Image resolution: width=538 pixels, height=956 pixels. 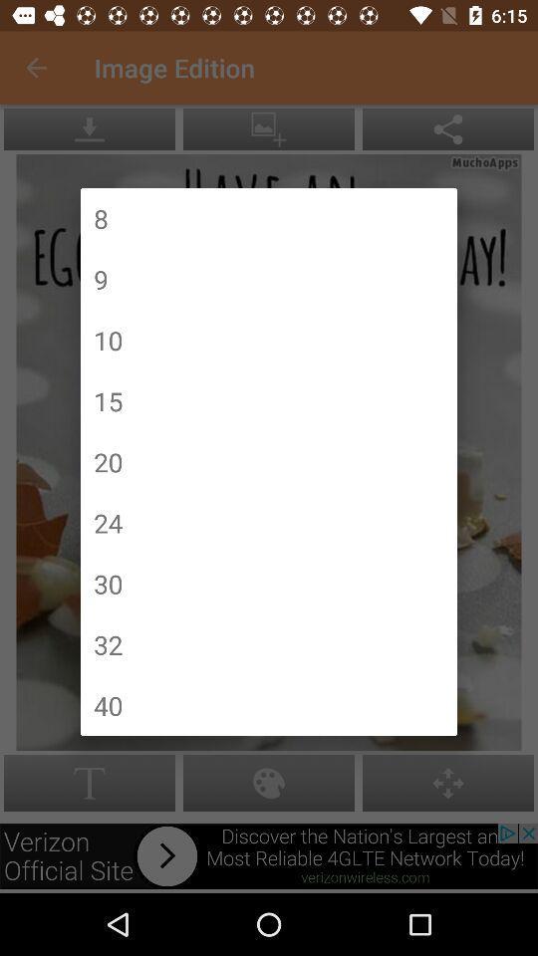 I want to click on icon below the 15 icon, so click(x=108, y=462).